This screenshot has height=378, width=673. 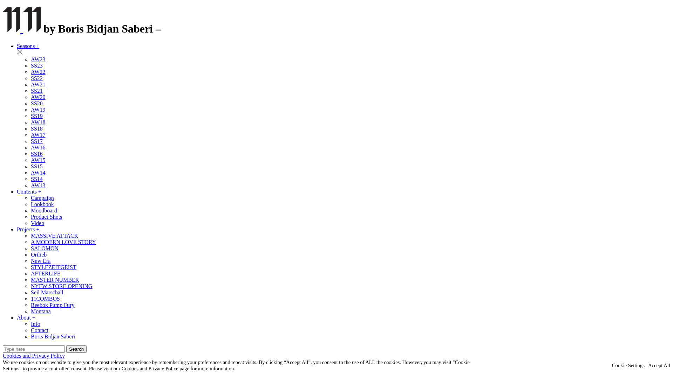 What do you see at coordinates (30, 273) in the screenshot?
I see `'AFTERLIFE'` at bounding box center [30, 273].